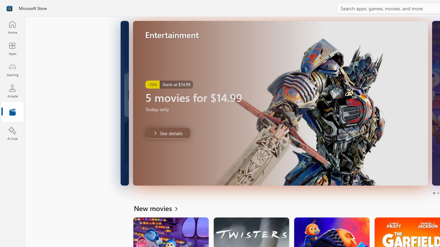 The width and height of the screenshot is (440, 247). Describe the element at coordinates (12, 27) in the screenshot. I see `'Home'` at that location.